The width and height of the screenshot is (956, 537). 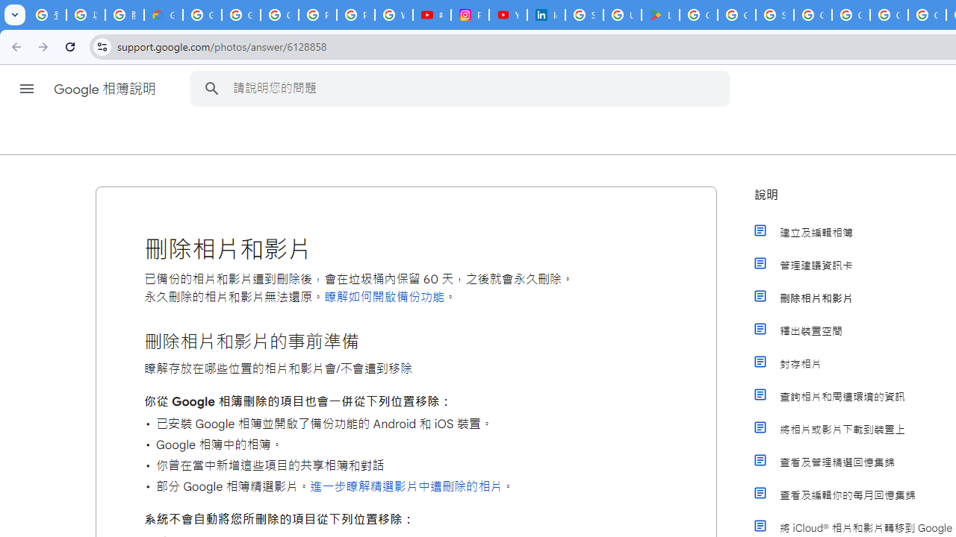 I want to click on 'Google Cloud Platform', so click(x=851, y=15).